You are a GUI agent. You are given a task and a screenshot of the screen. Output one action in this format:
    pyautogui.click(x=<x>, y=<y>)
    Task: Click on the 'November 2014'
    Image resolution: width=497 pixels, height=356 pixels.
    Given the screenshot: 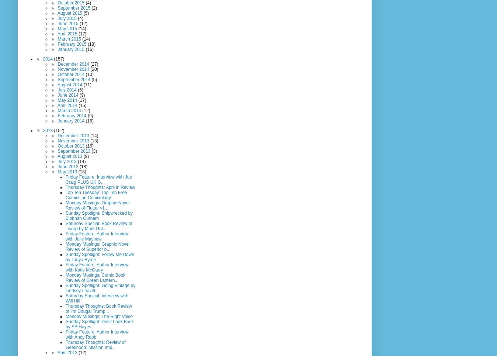 What is the action you would take?
    pyautogui.click(x=74, y=69)
    